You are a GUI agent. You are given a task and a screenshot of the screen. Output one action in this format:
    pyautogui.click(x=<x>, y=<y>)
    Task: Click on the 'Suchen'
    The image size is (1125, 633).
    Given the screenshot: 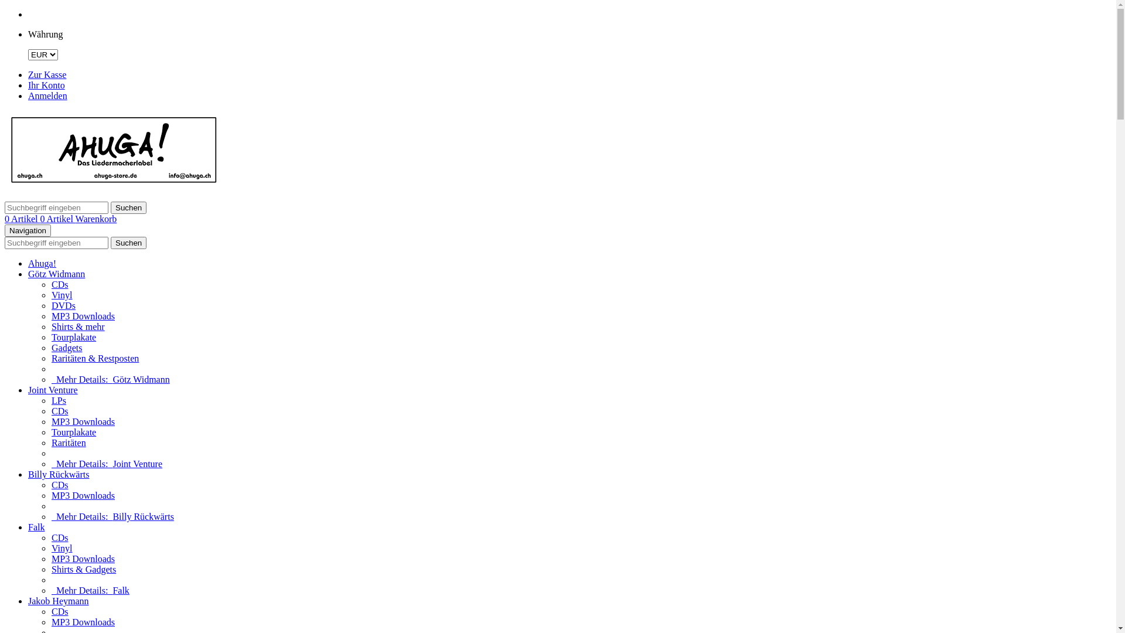 What is the action you would take?
    pyautogui.click(x=128, y=242)
    